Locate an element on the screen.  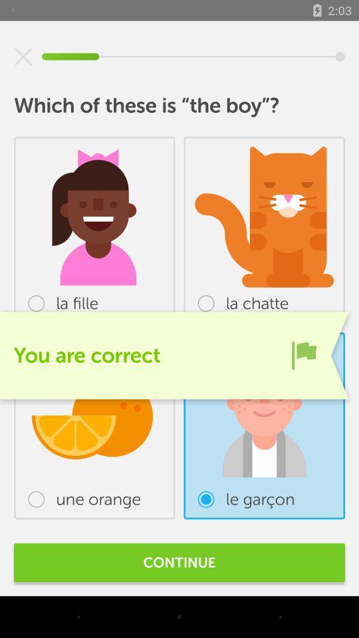
item above the which of these is located at coordinates (23, 56).